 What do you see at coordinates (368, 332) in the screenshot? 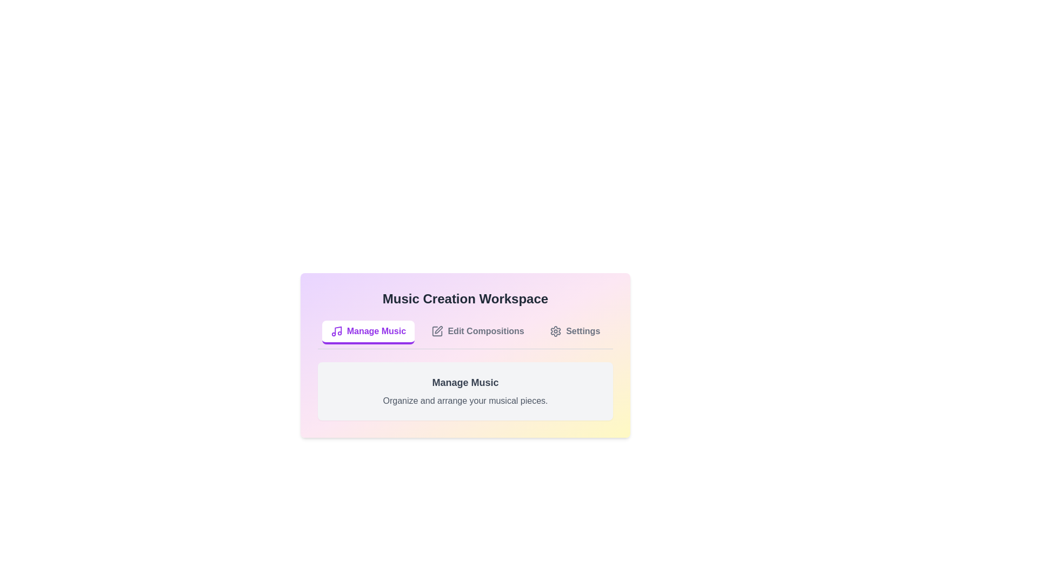
I see `the Manage Music tab by clicking on its respective button` at bounding box center [368, 332].